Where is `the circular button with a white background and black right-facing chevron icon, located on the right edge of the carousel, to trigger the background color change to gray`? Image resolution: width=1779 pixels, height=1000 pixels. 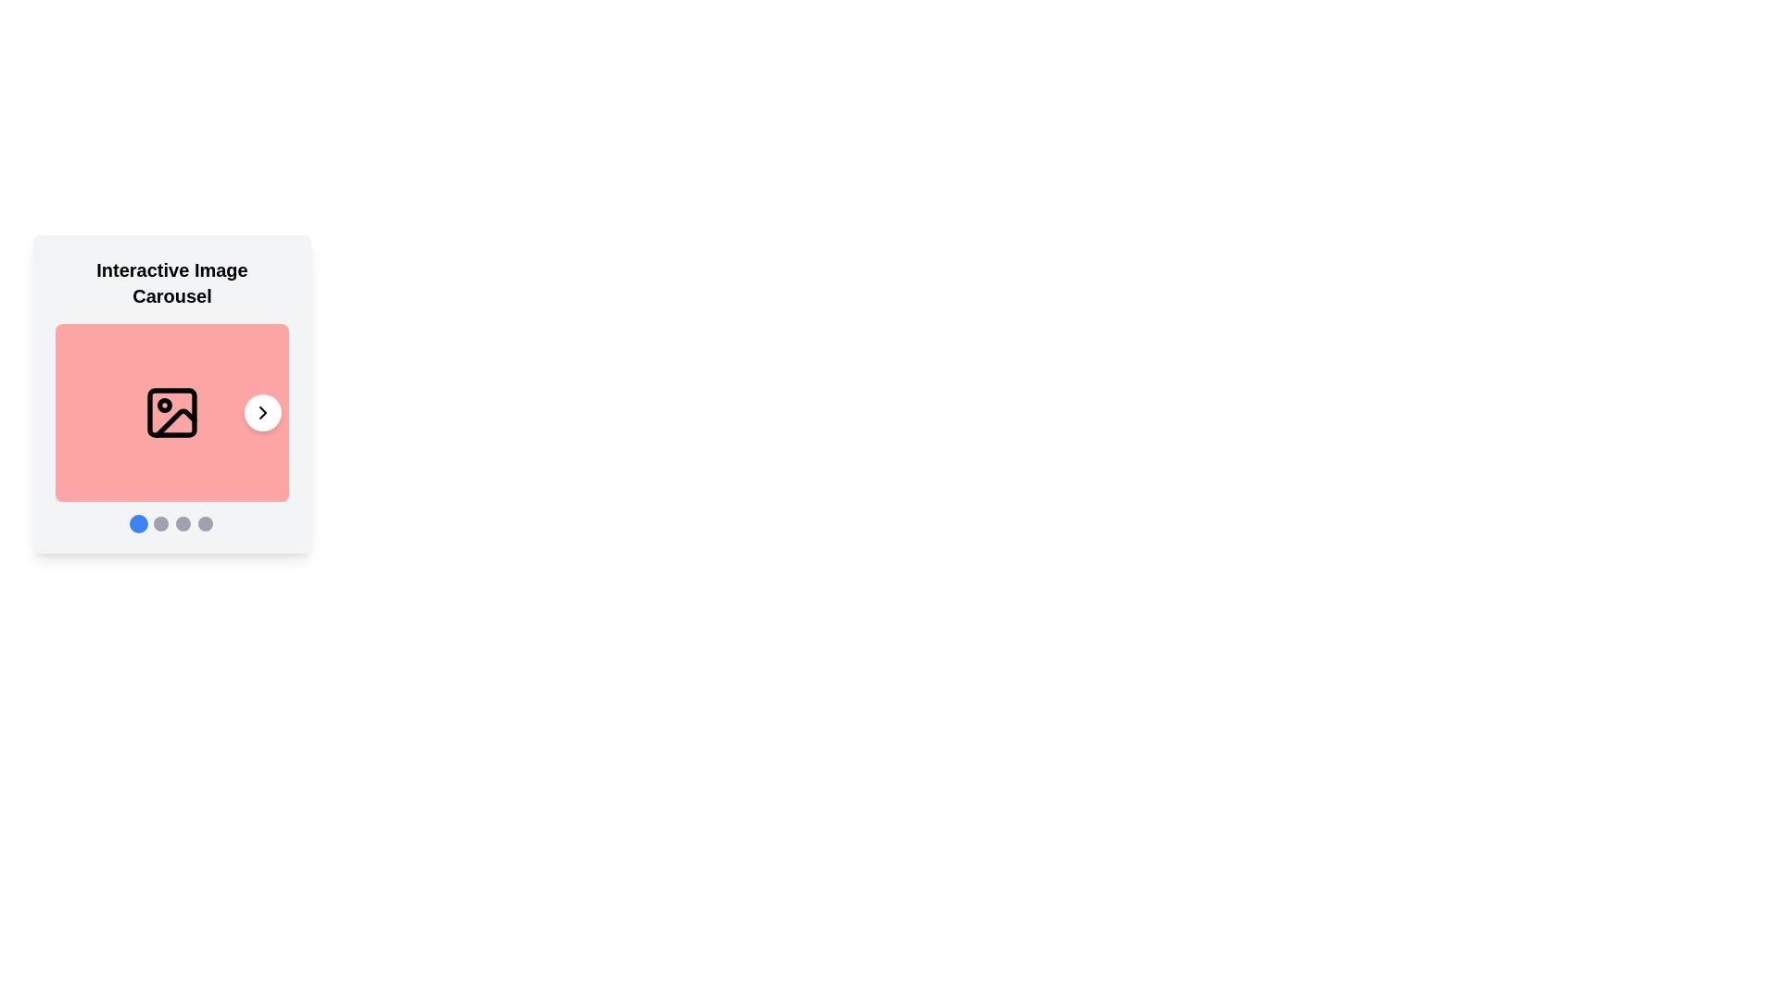
the circular button with a white background and black right-facing chevron icon, located on the right edge of the carousel, to trigger the background color change to gray is located at coordinates (261, 412).